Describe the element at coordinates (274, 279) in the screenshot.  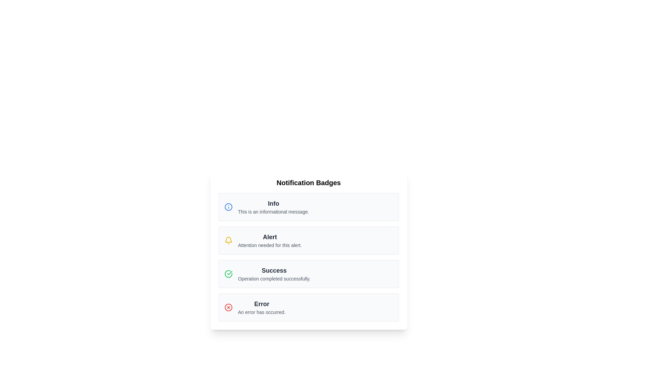
I see `the Text Label element displaying the message 'Operation completed successfully.' located beneath the title 'Success' in the Notification Badges section` at that location.